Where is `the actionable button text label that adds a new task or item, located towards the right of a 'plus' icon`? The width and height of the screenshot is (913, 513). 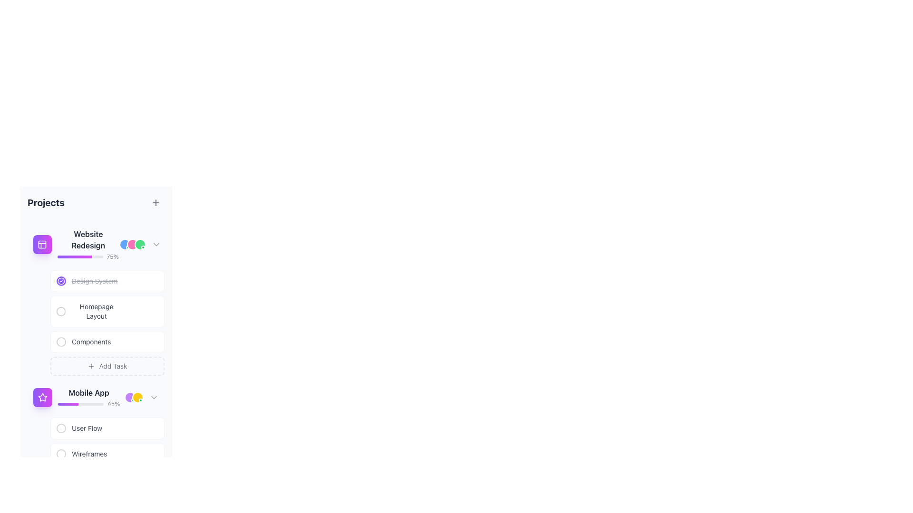 the actionable button text label that adds a new task or item, located towards the right of a 'plus' icon is located at coordinates (113, 366).